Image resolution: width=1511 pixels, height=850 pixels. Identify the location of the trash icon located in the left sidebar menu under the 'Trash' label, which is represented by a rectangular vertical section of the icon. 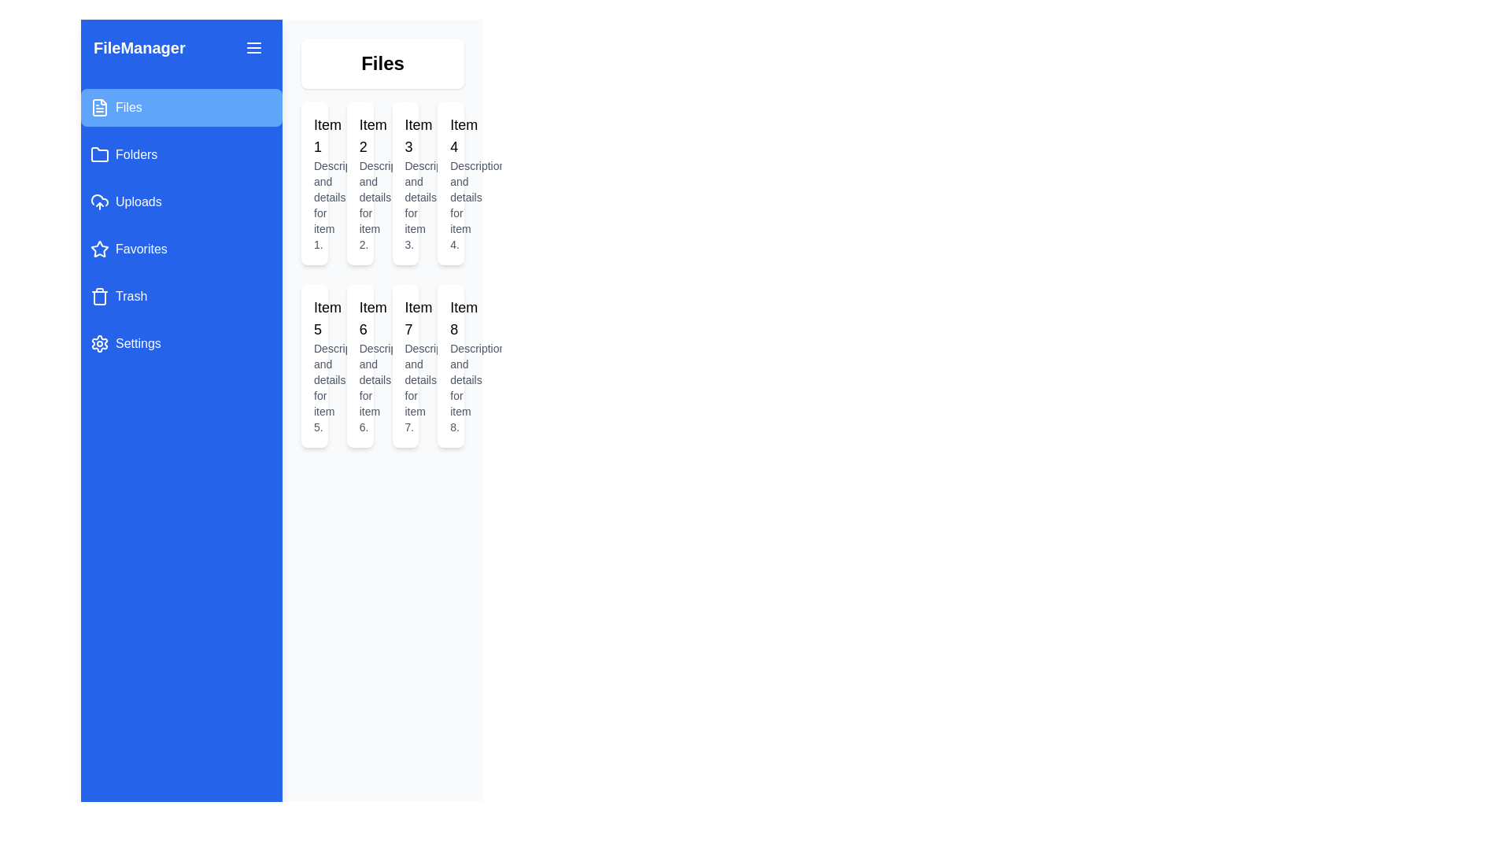
(98, 297).